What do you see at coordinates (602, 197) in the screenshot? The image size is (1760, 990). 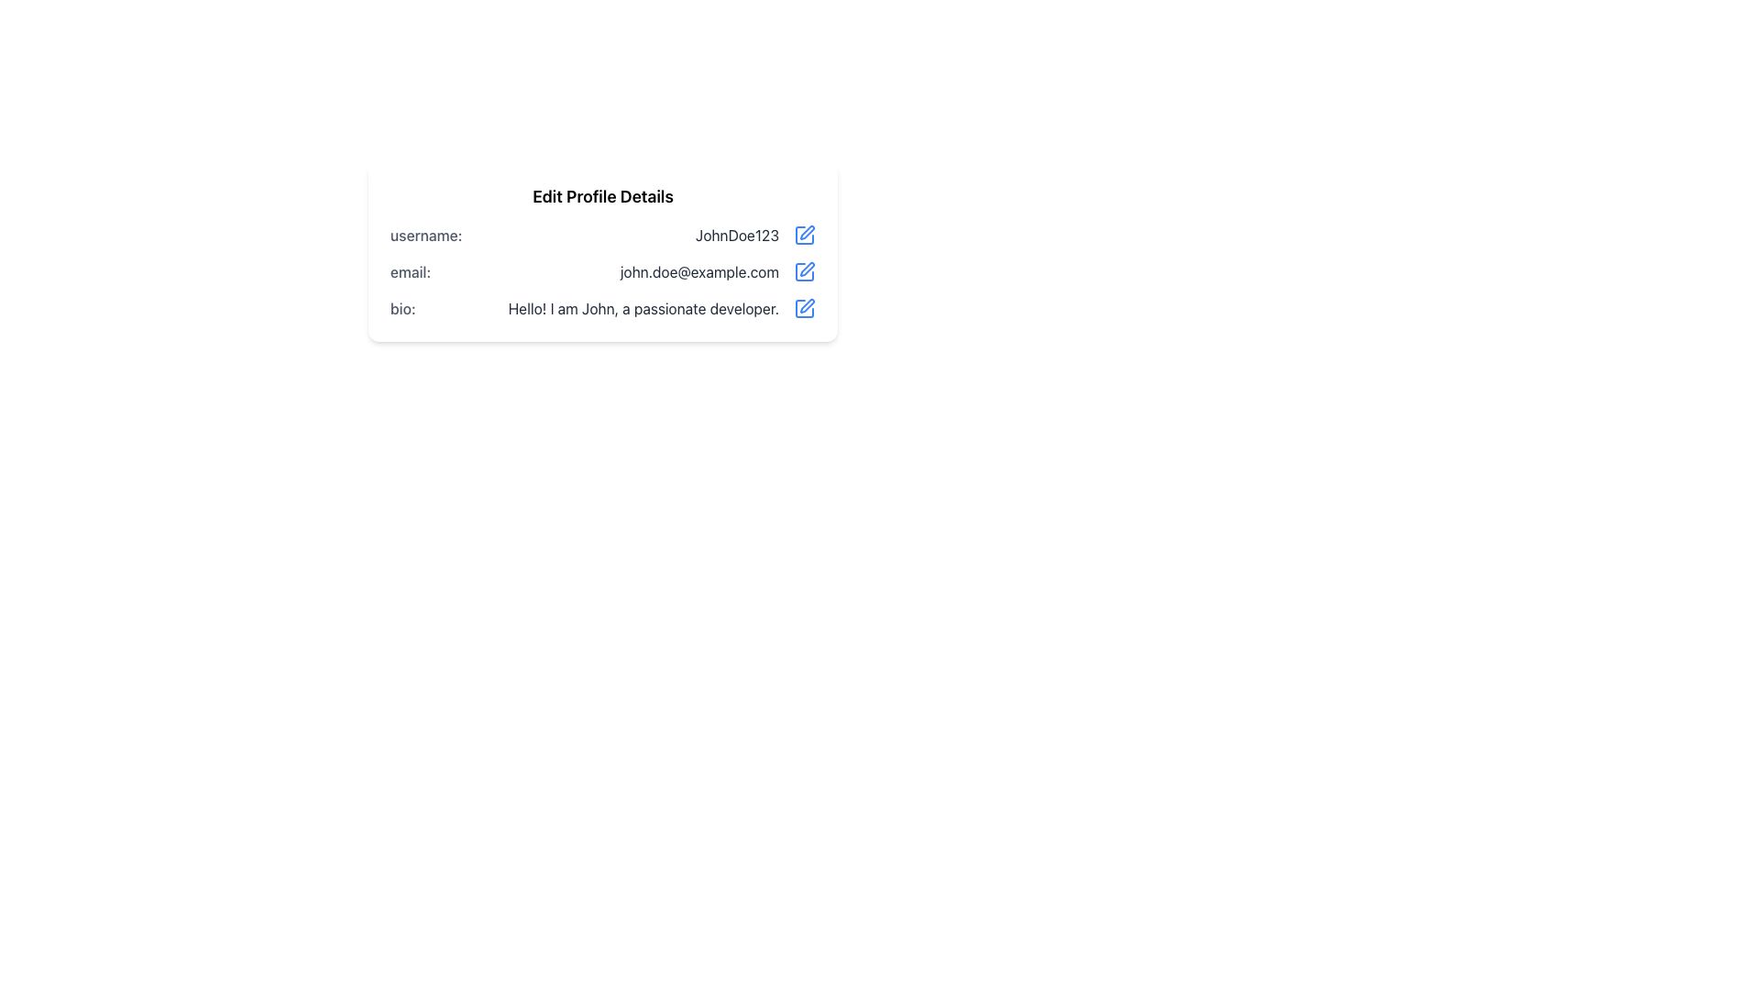 I see `the 'Edit Profile Details' text label, which serves as a descriptive header for editing profile information, located at the top of the profile card` at bounding box center [602, 197].